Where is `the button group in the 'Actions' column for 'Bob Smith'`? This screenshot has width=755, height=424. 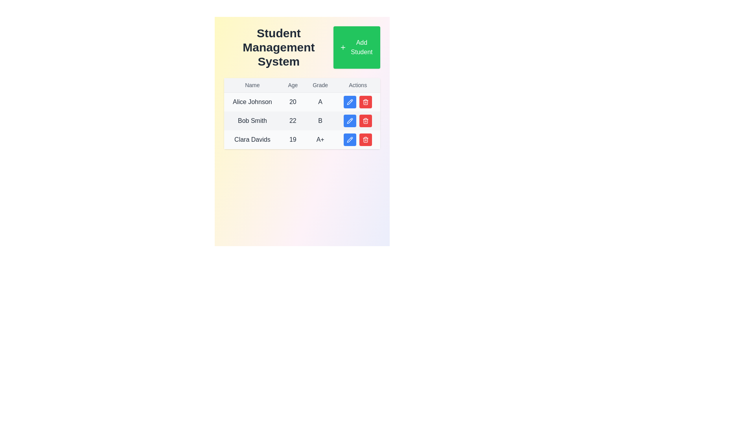
the button group in the 'Actions' column for 'Bob Smith' is located at coordinates (357, 121).